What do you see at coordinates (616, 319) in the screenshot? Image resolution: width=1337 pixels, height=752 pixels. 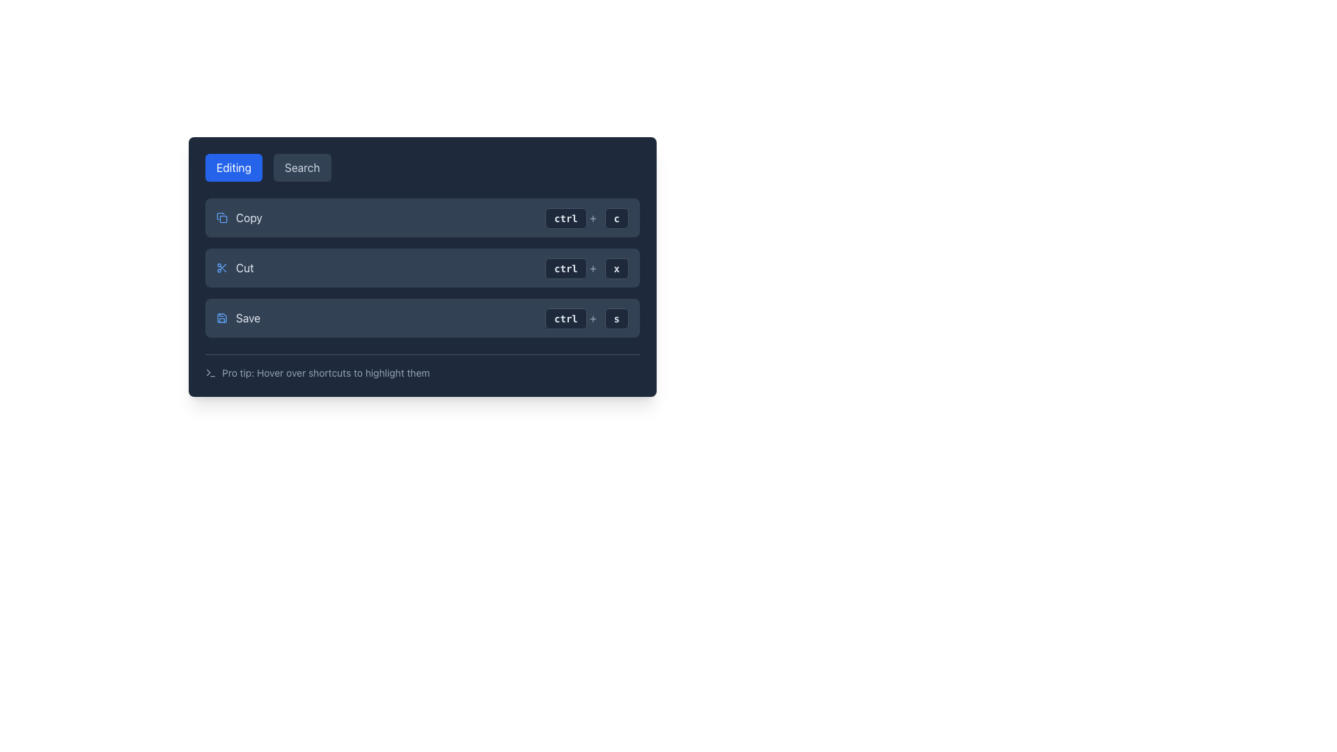 I see `the Button-like indicator for the 'Save' function, which shows the keyboard shortcut 'Ctrl + S' and is located as the last item in the third row of shortcut instructions` at bounding box center [616, 319].